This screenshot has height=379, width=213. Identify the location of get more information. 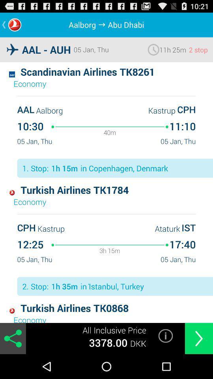
(165, 335).